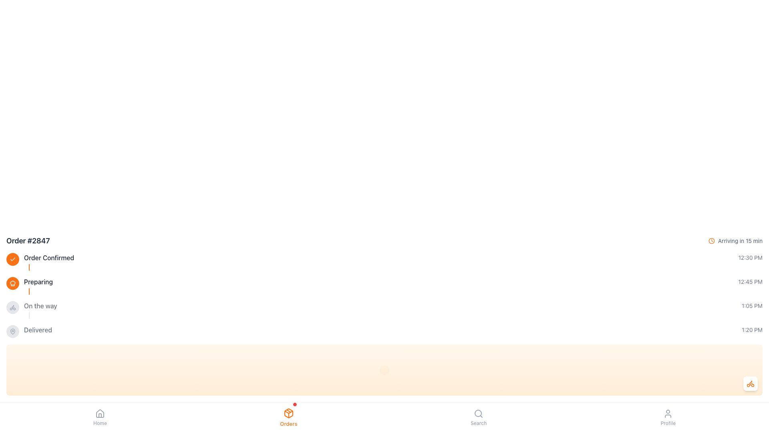  What do you see at coordinates (288, 417) in the screenshot?
I see `the orange icon button located above the 'Orders' label in the navigation bar` at bounding box center [288, 417].